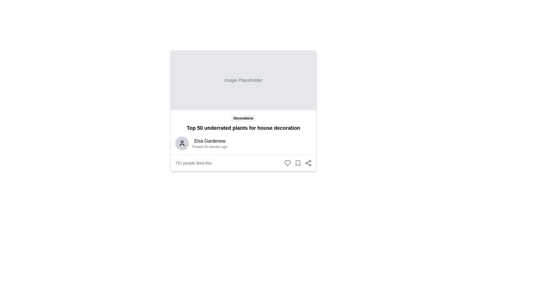 The image size is (548, 308). I want to click on the share button, which is the third interactive icon on the far-right end of its row, allowing users to share the current content, so click(308, 163).